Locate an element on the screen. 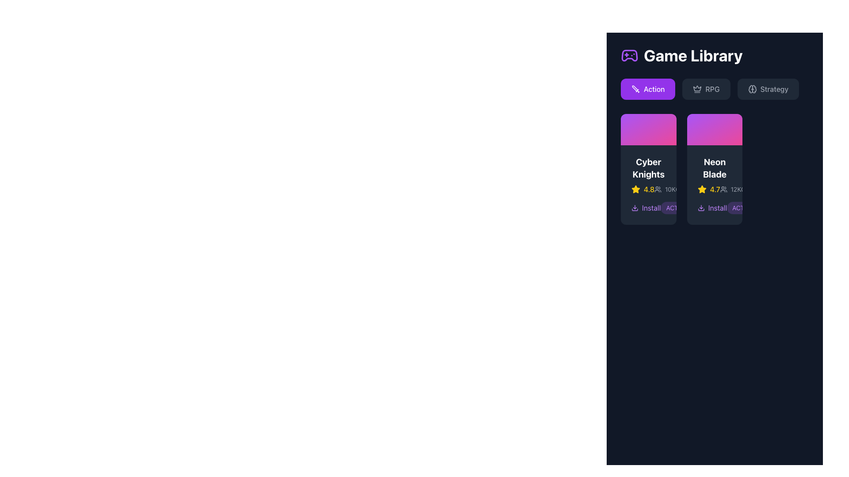 Image resolution: width=849 pixels, height=477 pixels. the non-interactive text label representing the game category or genre located at the top-right corner of the 'Game Library' section, next to the 'Action' and 'RPG' buttons is located at coordinates (774, 89).